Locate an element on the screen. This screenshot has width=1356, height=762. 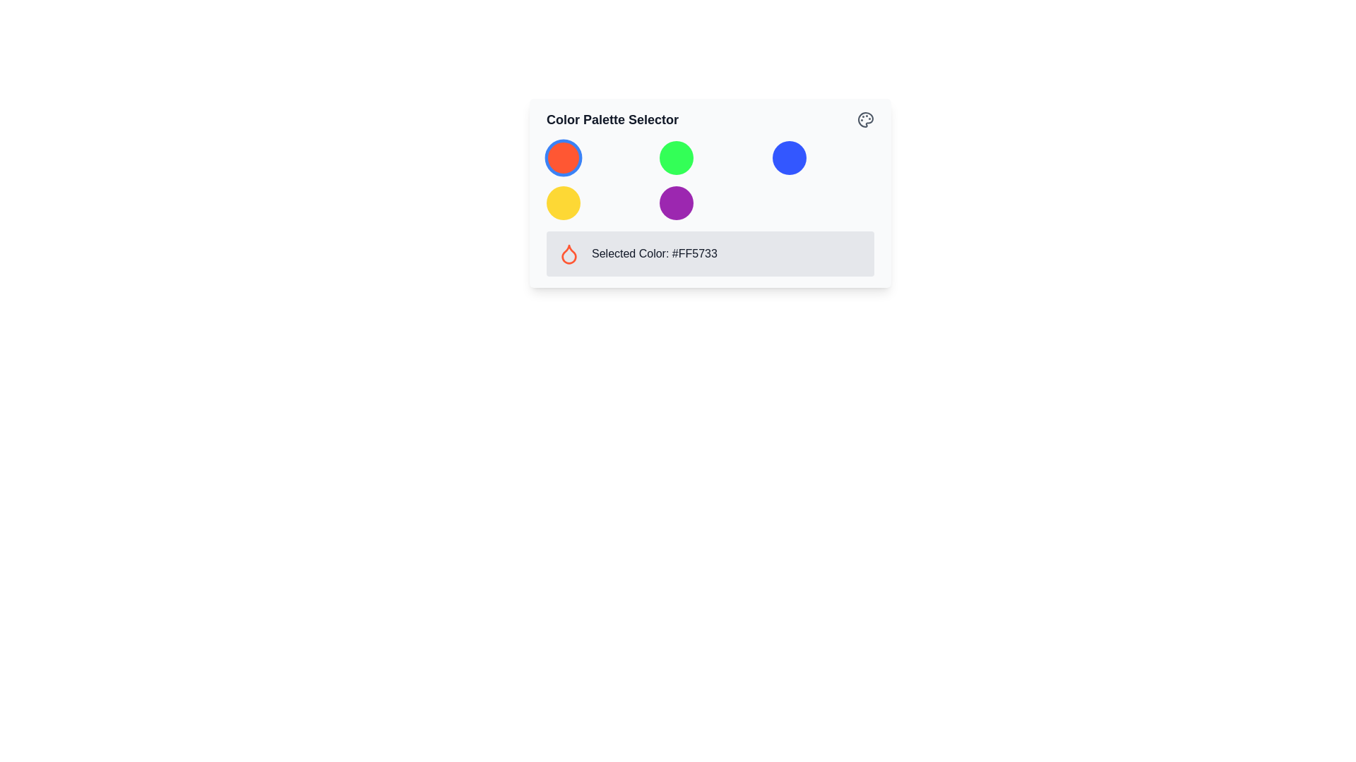
the selectable circular button is located at coordinates (789, 157).